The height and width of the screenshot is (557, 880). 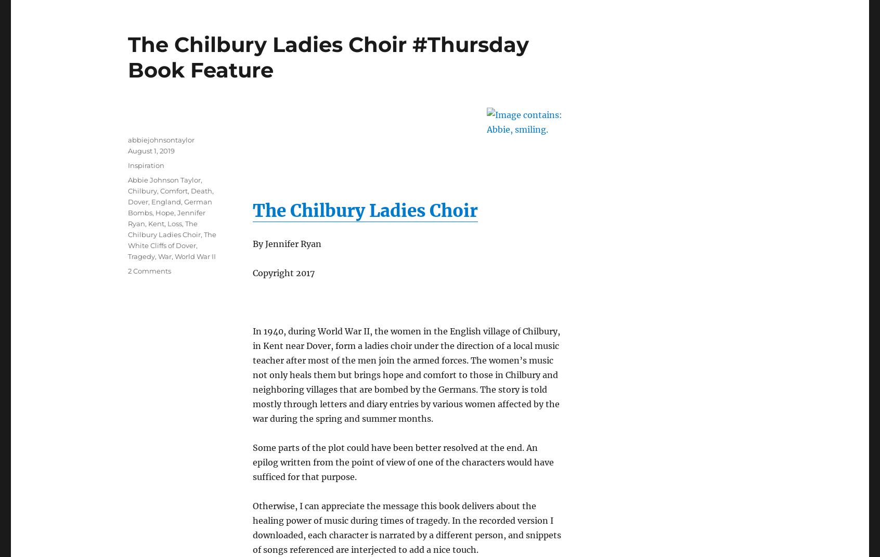 What do you see at coordinates (164, 255) in the screenshot?
I see `'War'` at bounding box center [164, 255].